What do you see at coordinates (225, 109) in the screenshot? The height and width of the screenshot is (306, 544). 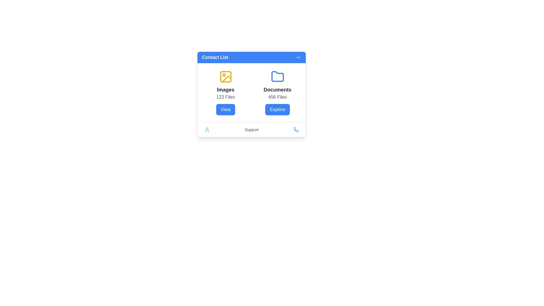 I see `the interactive button located in the lower section of the 'Images' sub-panel, directly below the text '123 Files'` at bounding box center [225, 109].